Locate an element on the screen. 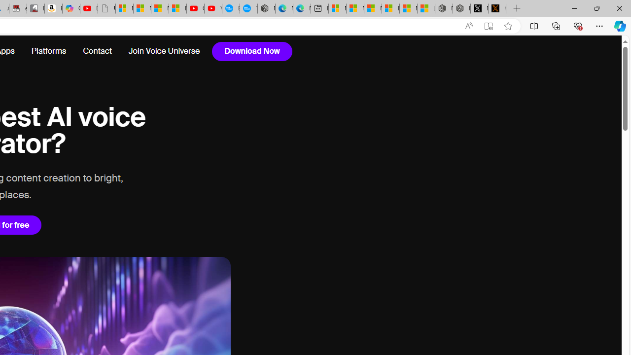 The image size is (631, 355). 'Nordace (@NordaceOfficial) / X' is located at coordinates (479, 8).